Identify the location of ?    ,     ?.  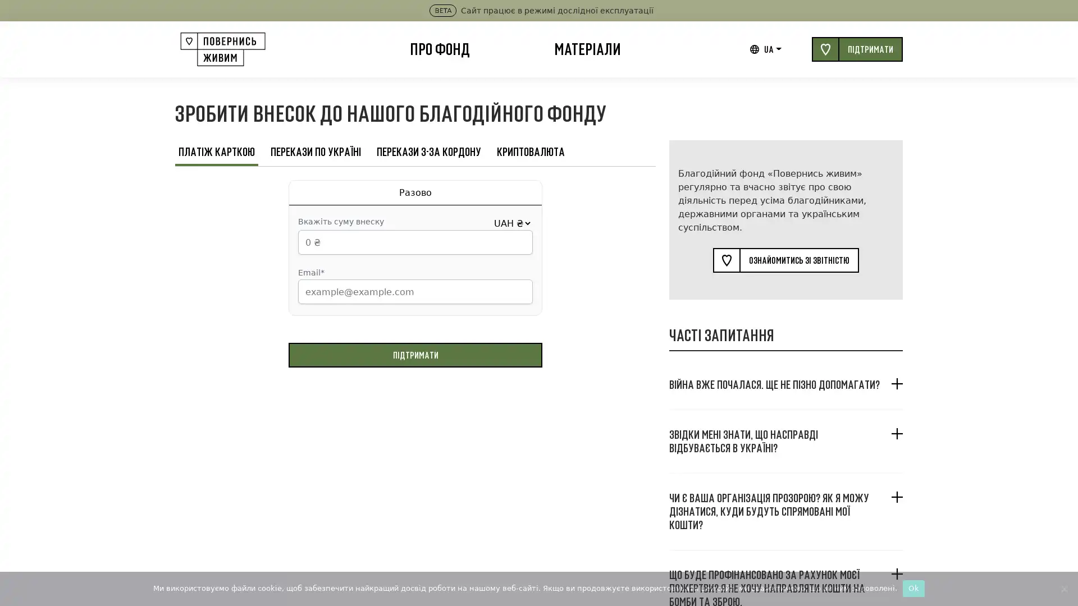
(785, 511).